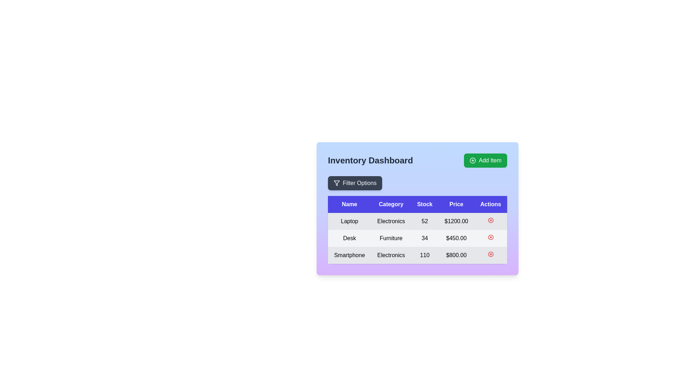  What do you see at coordinates (350, 204) in the screenshot?
I see `'Name' label which is the first header in a row of table headers, styled in white text on a blue background` at bounding box center [350, 204].